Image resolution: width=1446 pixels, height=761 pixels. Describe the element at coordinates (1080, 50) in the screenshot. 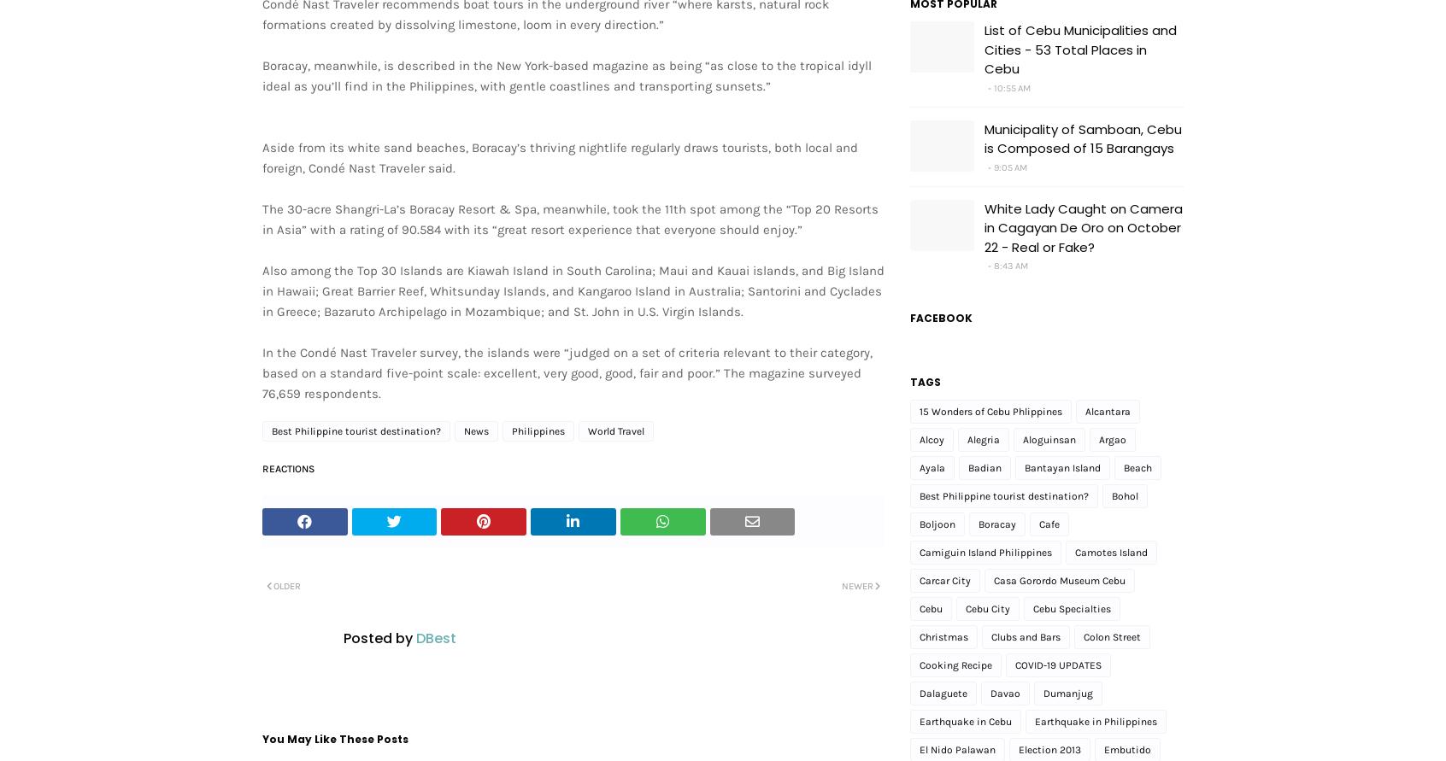

I see `'List of Cebu Municipalities and Cities - 53 Total Places in Cebu'` at that location.